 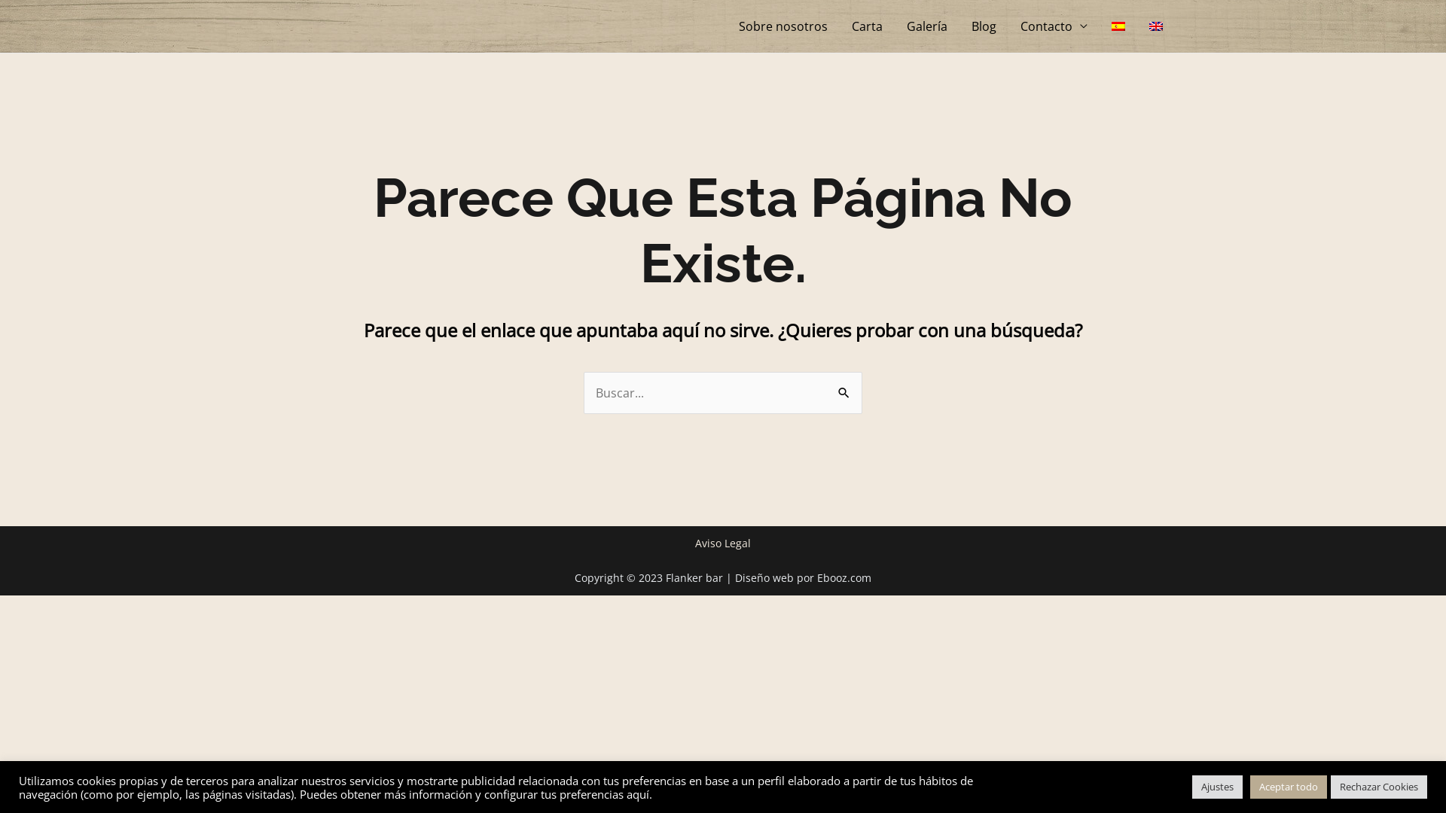 What do you see at coordinates (867, 26) in the screenshot?
I see `'Carta'` at bounding box center [867, 26].